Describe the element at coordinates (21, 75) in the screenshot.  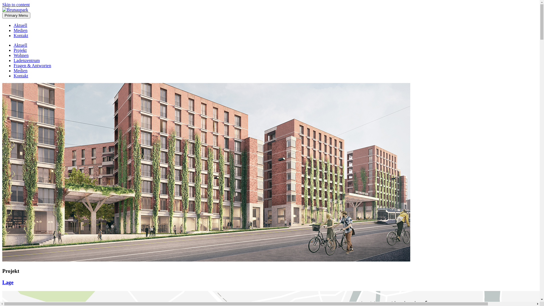
I see `'Kontakt'` at that location.